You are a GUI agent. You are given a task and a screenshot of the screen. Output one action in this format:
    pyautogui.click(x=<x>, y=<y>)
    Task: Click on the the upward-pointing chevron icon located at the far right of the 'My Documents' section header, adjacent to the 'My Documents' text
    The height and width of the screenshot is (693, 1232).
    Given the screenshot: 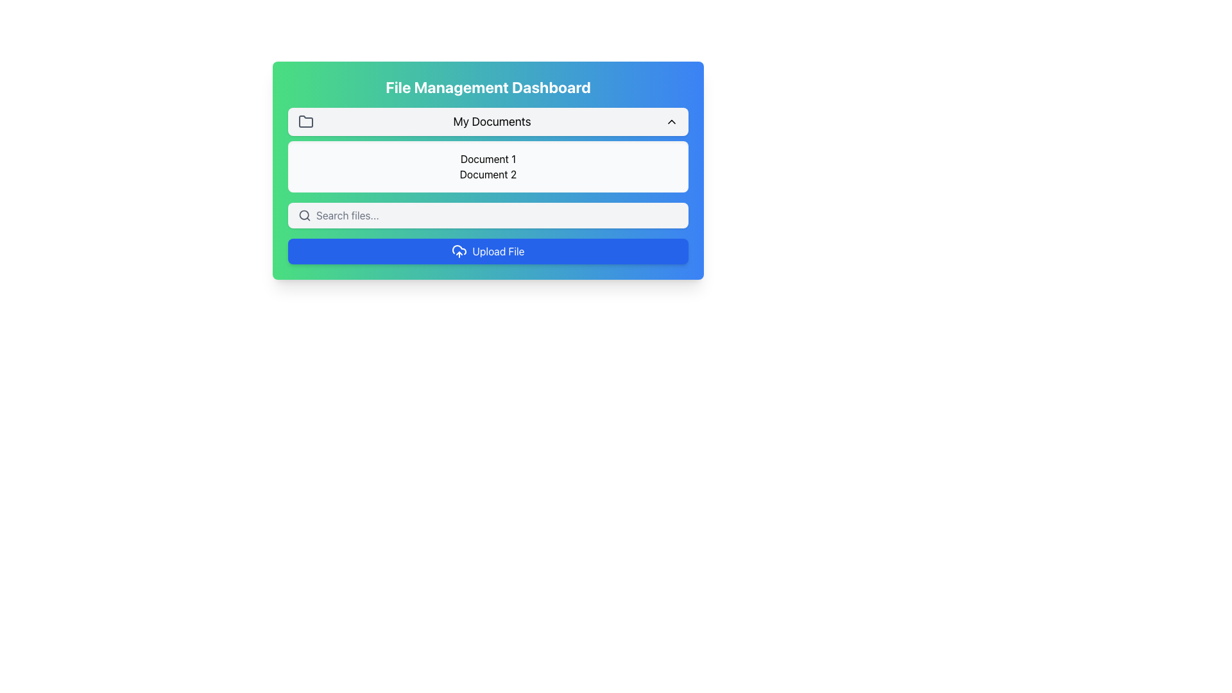 What is the action you would take?
    pyautogui.click(x=671, y=121)
    